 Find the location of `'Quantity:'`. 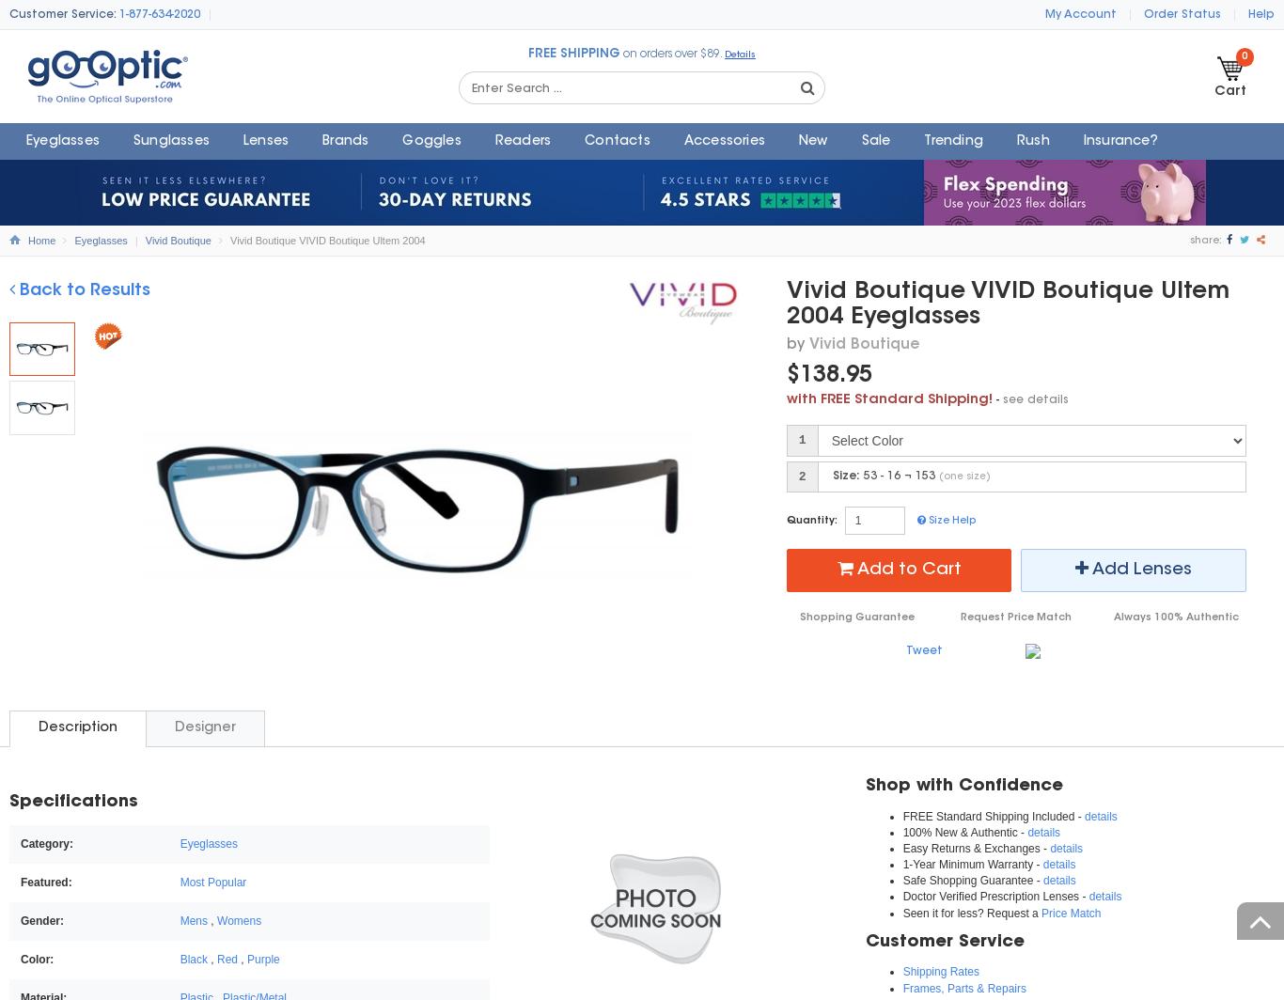

'Quantity:' is located at coordinates (784, 520).